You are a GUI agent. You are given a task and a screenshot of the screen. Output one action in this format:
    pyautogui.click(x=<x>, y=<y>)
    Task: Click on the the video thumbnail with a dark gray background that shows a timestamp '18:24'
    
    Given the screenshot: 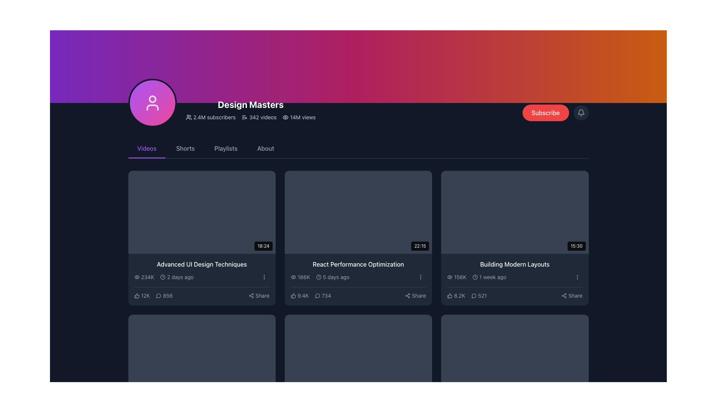 What is the action you would take?
    pyautogui.click(x=202, y=212)
    